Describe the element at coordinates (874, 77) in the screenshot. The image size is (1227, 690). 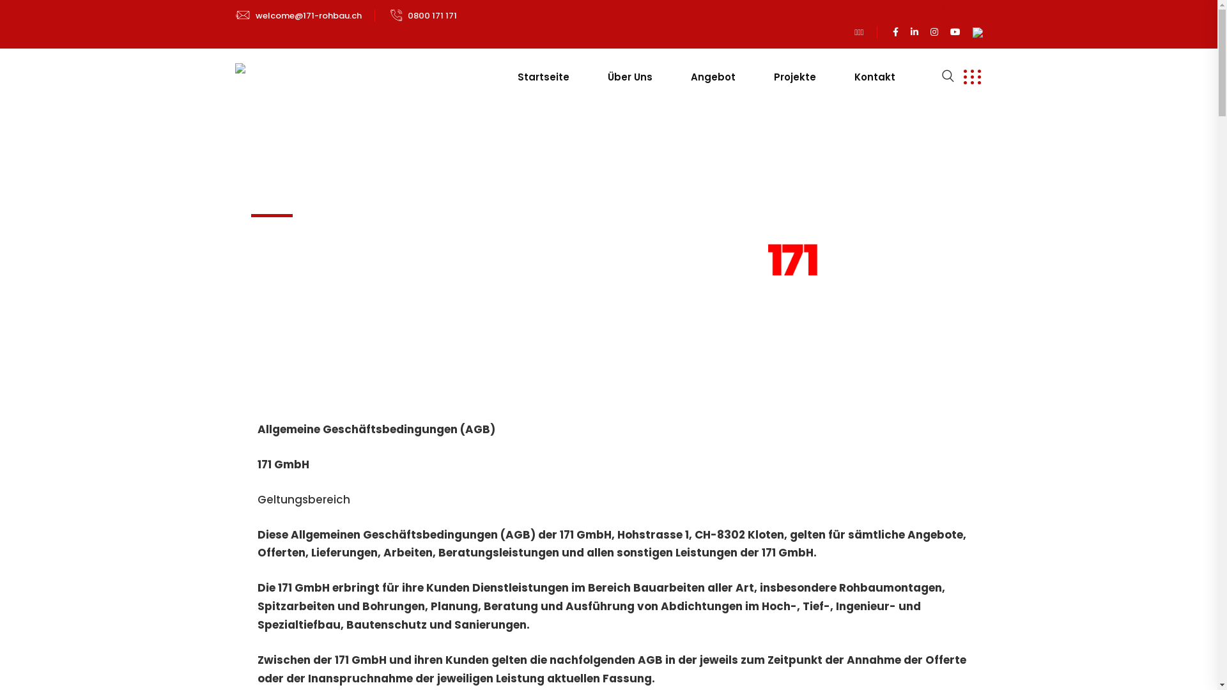
I see `'Kontakt'` at that location.